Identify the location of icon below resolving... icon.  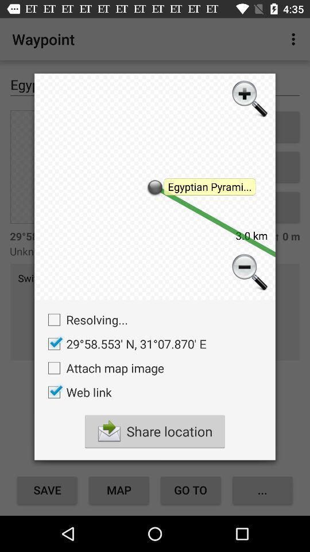
(123, 344).